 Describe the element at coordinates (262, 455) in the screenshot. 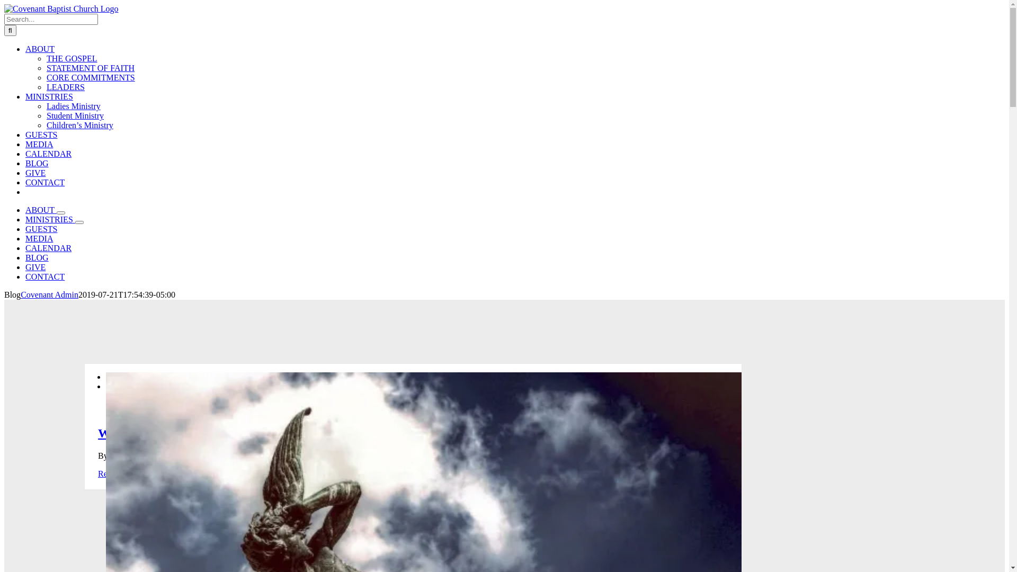

I see `'Devil'` at that location.